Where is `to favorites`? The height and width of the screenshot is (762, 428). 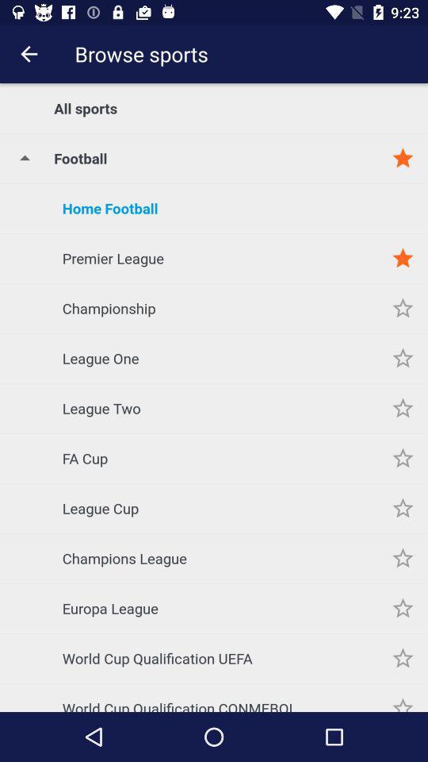
to favorites is located at coordinates (403, 607).